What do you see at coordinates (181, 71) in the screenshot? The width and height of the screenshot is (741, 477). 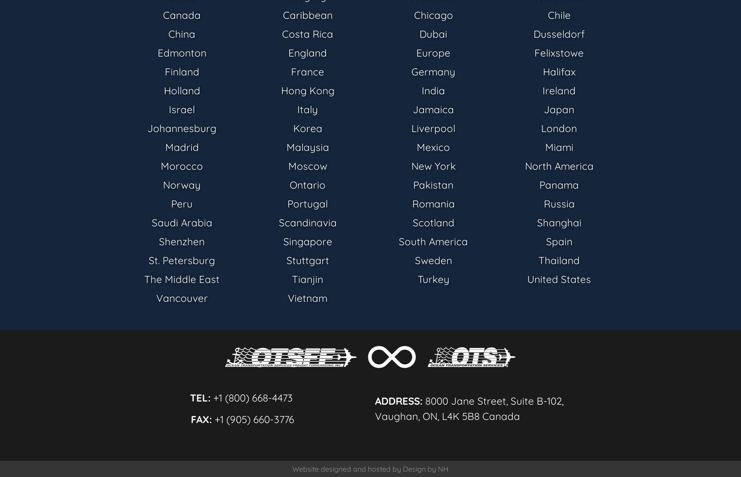 I see `'Finland'` at bounding box center [181, 71].